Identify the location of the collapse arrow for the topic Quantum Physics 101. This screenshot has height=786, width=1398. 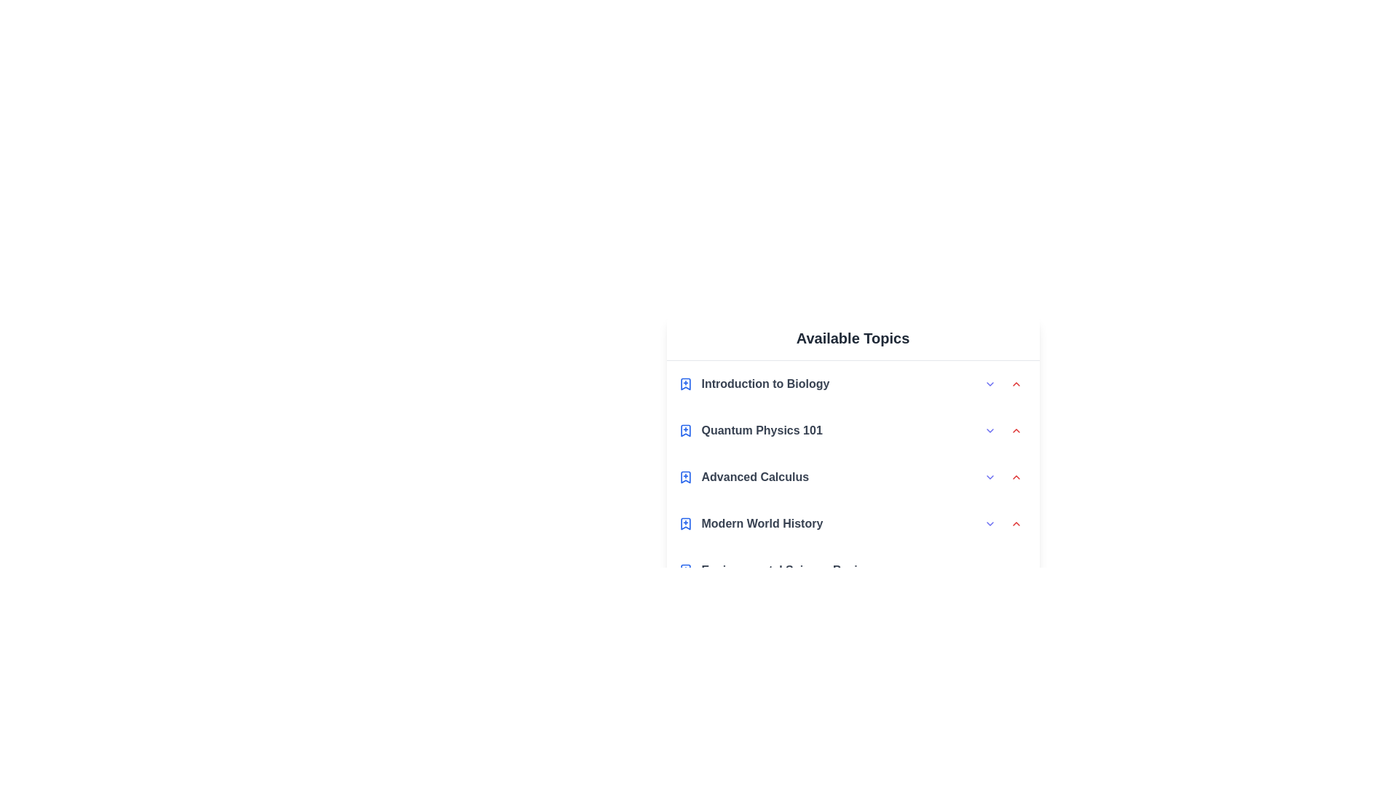
(1015, 429).